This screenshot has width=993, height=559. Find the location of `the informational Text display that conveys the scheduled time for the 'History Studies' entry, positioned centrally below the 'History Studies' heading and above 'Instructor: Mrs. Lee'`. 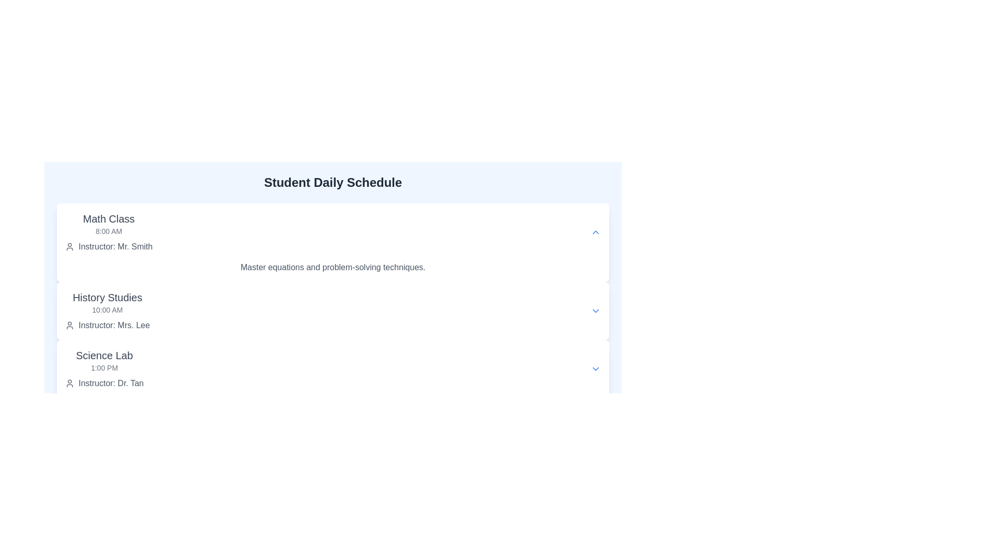

the informational Text display that conveys the scheduled time for the 'History Studies' entry, positioned centrally below the 'History Studies' heading and above 'Instructor: Mrs. Lee' is located at coordinates (107, 309).